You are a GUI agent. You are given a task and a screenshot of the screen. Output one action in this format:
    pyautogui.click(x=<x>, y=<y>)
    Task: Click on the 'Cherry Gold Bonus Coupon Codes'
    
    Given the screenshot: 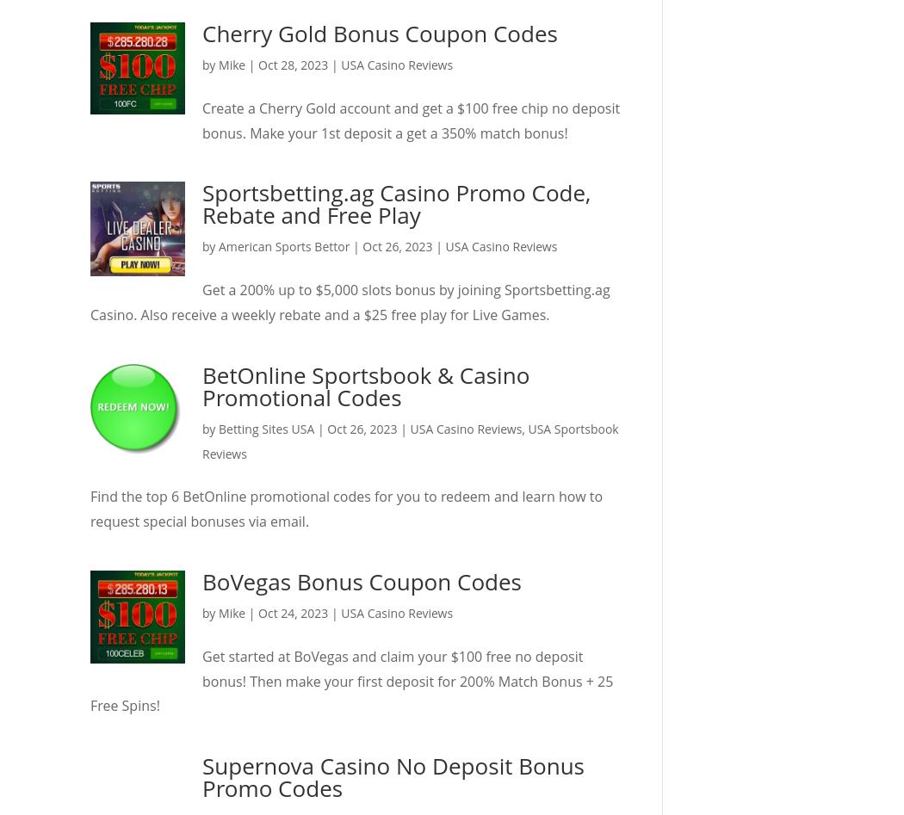 What is the action you would take?
    pyautogui.click(x=379, y=34)
    